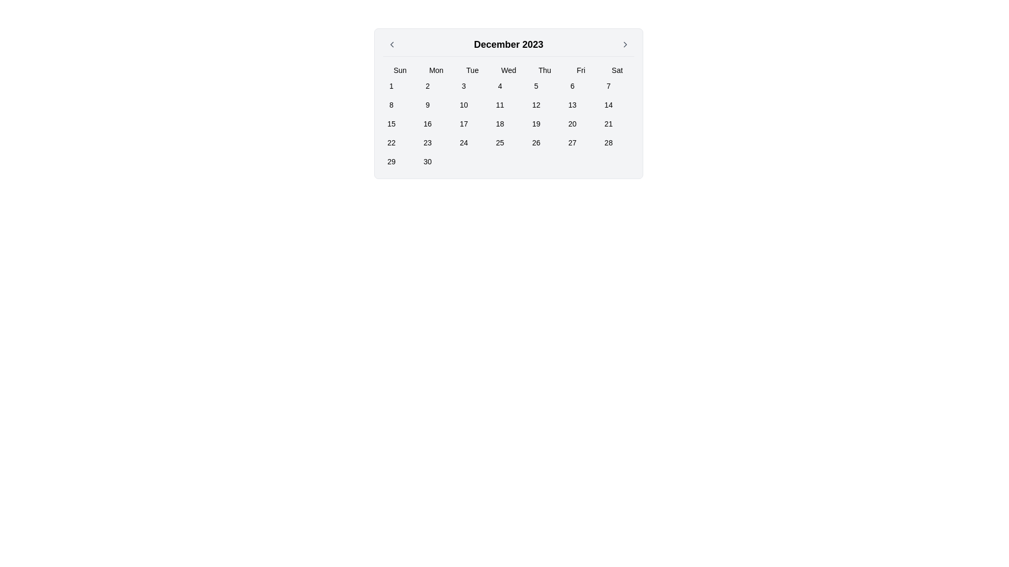 Image resolution: width=1009 pixels, height=567 pixels. What do you see at coordinates (617, 70) in the screenshot?
I see `the text label displaying 'Sat', which is the last in the series of day labels in the header row of the calendar interface` at bounding box center [617, 70].